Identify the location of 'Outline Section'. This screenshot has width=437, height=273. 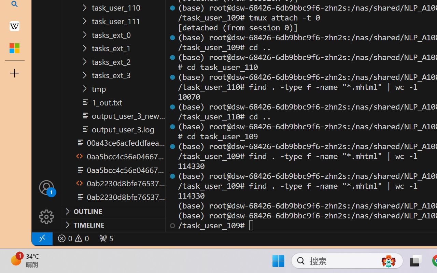
(113, 211).